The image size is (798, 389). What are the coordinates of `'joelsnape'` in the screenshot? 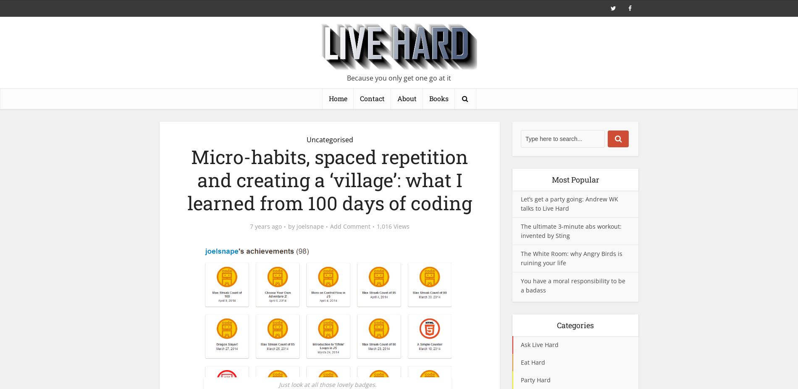 It's located at (310, 226).